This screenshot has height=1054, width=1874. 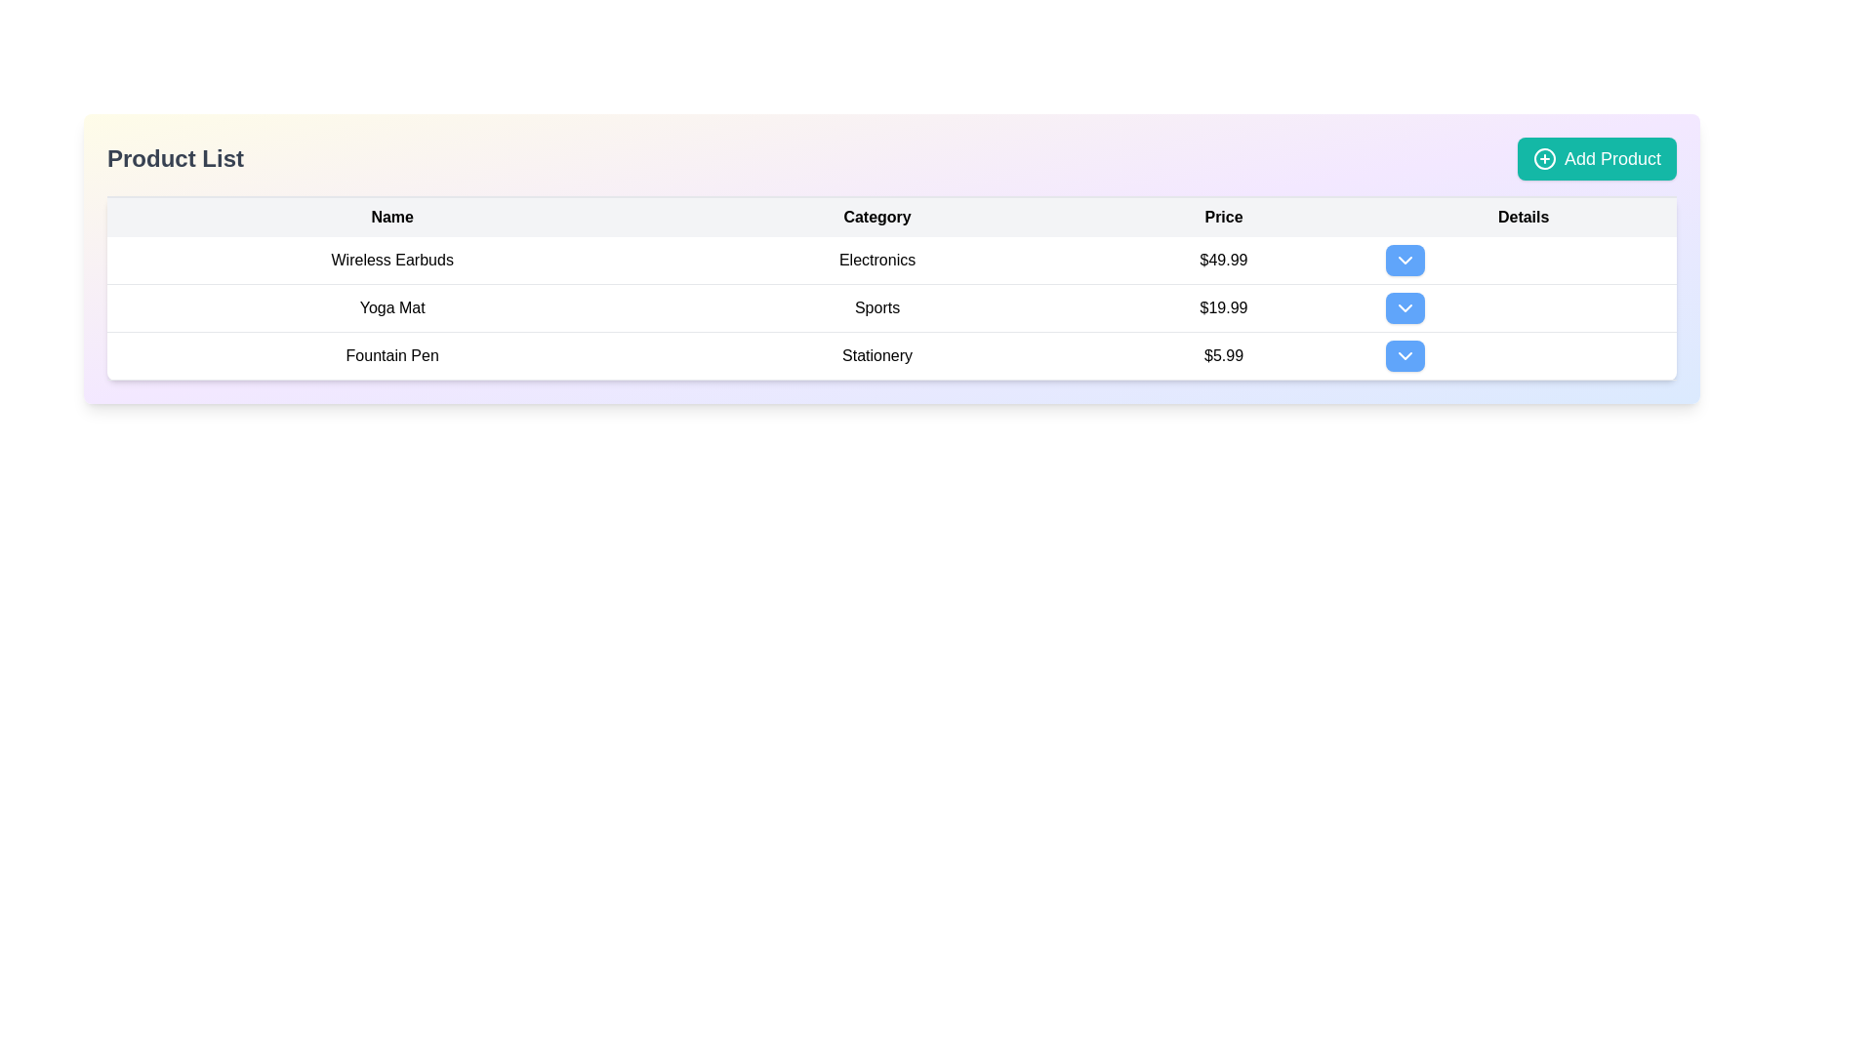 I want to click on the 'Fountain Pen' text label in the first column of the third row of the table, which provides descriptive information about the product, so click(x=391, y=356).